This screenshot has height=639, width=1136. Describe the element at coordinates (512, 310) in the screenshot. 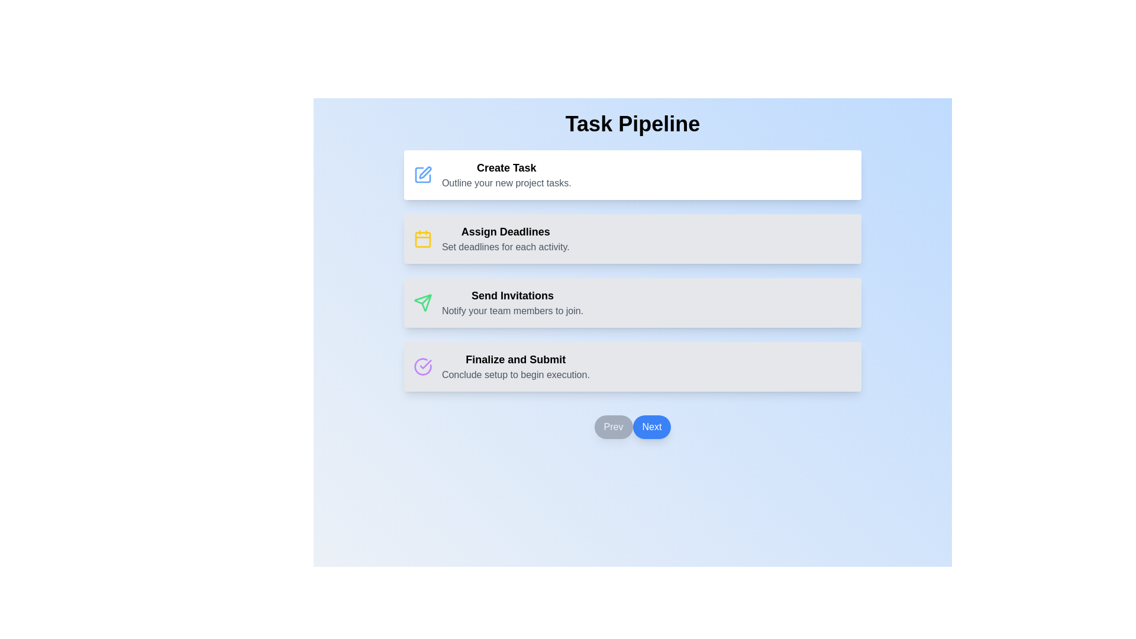

I see `the text label that reads 'Notify your team members to join.' which is located in the 'Send Invitations' section, directly below its title` at that location.